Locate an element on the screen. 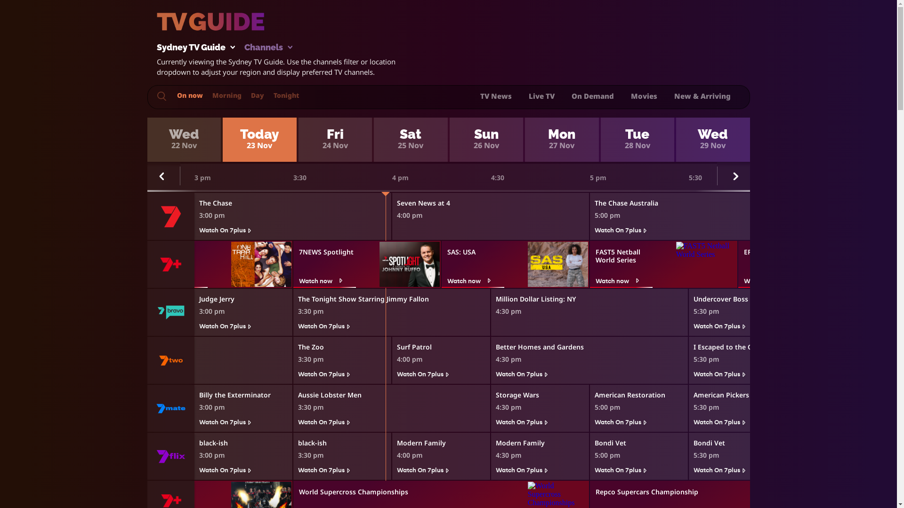 Image resolution: width=904 pixels, height=508 pixels. 'World Supercross Championships' is located at coordinates (356, 489).